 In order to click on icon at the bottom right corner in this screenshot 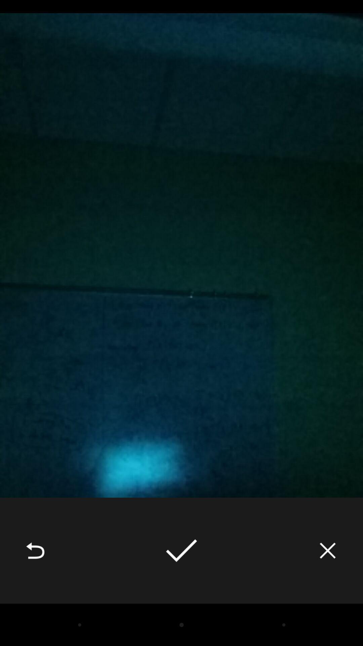, I will do `click(327, 550)`.